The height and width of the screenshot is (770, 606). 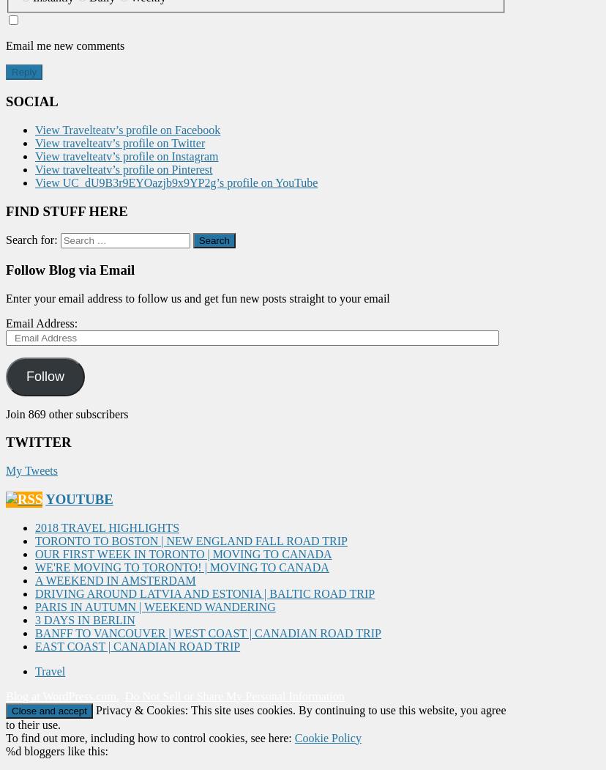 I want to click on 'Follow', so click(x=44, y=375).